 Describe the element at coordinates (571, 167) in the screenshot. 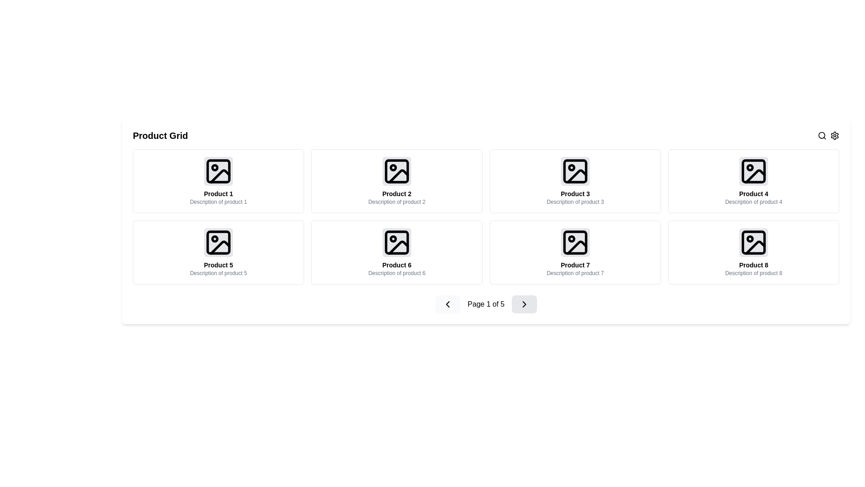

I see `the small SVG circle located in the top left corner of the 'Product 3' thumbnail within the product grid layout` at that location.